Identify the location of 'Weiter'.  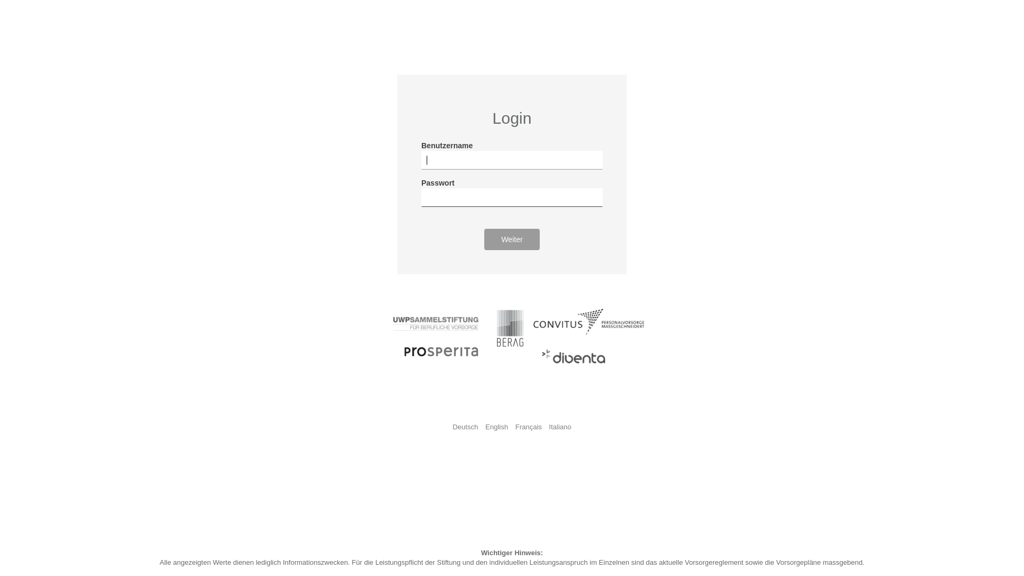
(483, 238).